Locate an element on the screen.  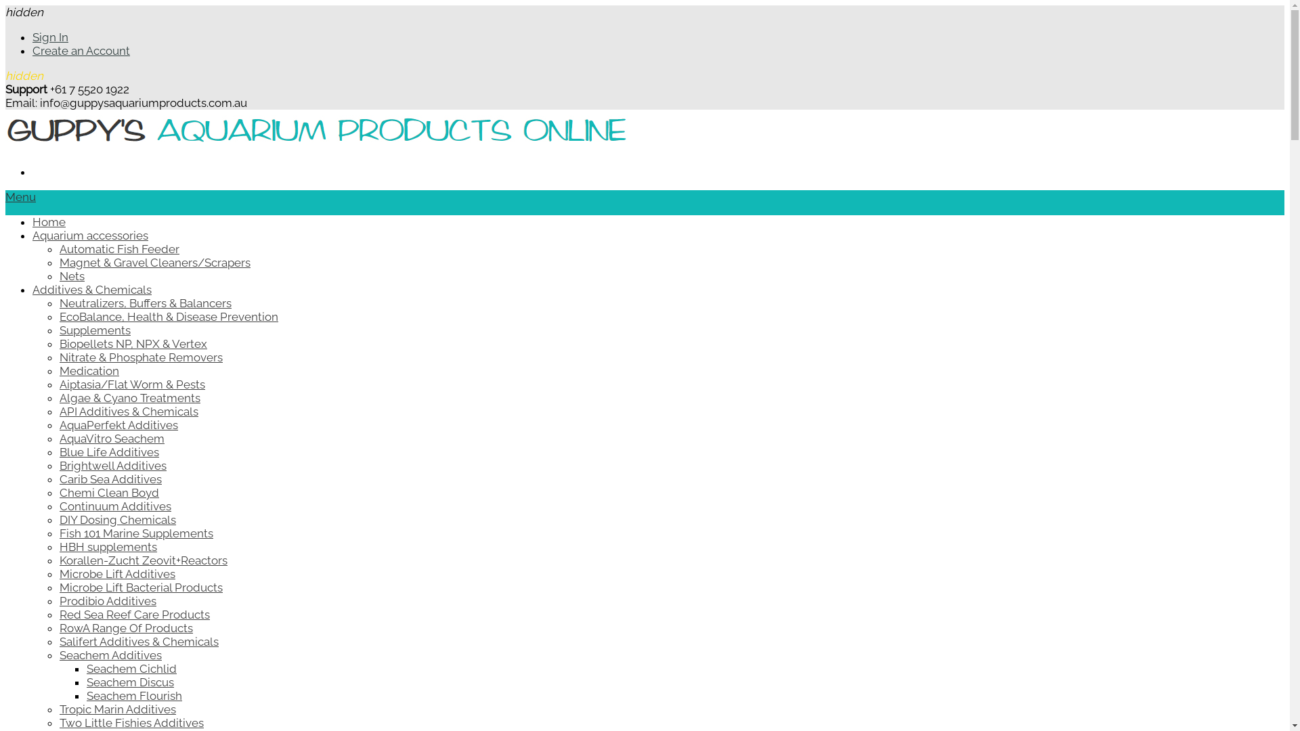
'Carib Sea Additives' is located at coordinates (110, 479).